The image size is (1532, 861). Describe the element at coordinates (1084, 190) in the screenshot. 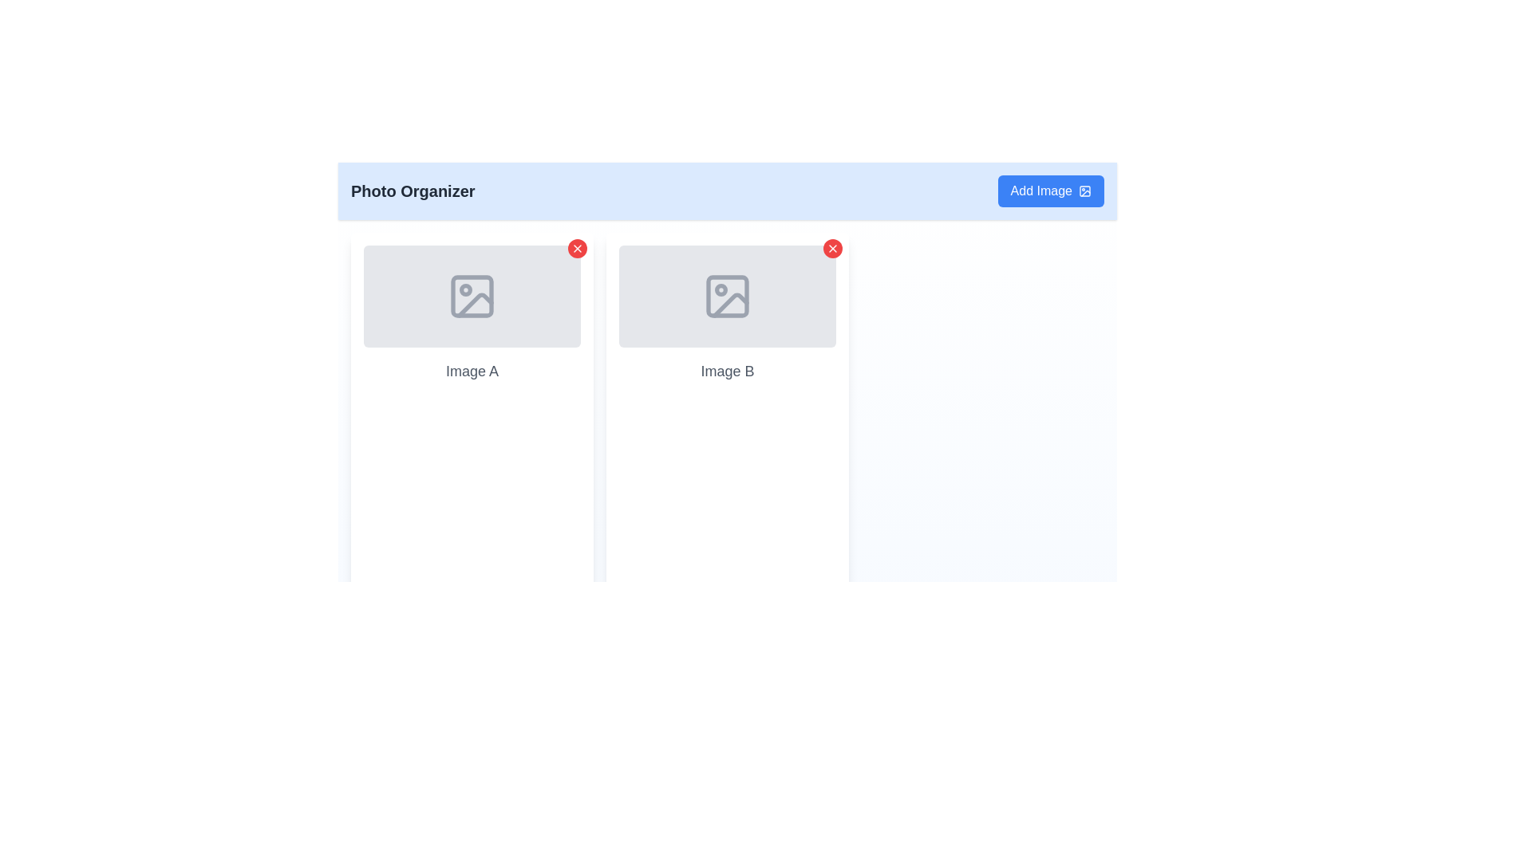

I see `the small rounded rectangle within the SVG graphic that signifies an image or gallery component, located to the right of the interface and adjacent to the 'Add Image' button` at that location.